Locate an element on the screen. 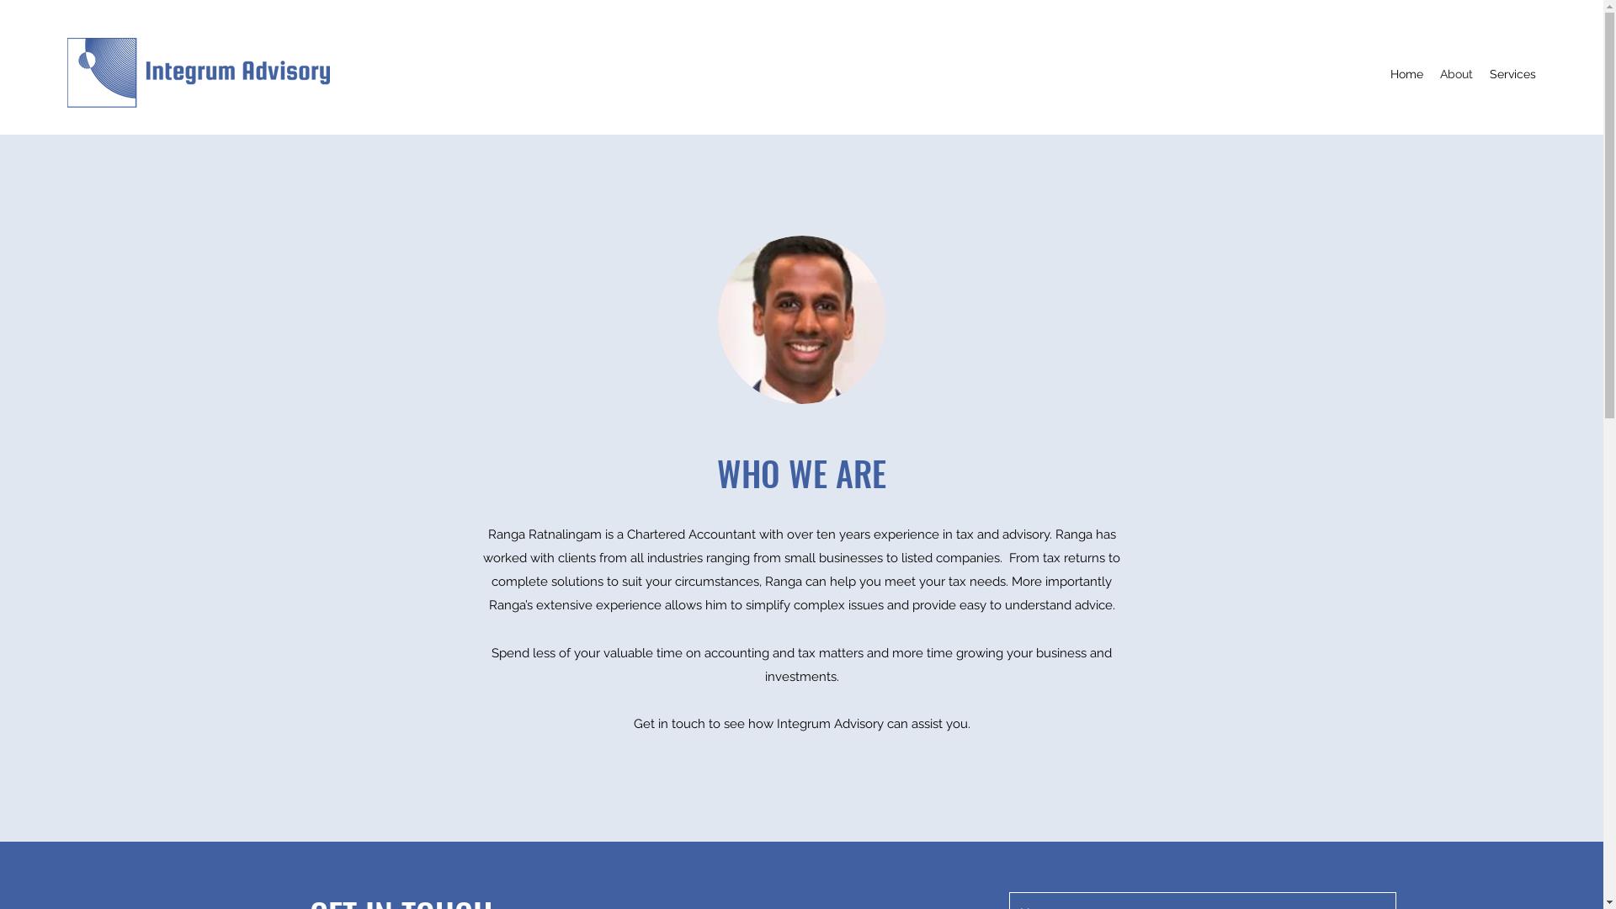 This screenshot has height=909, width=1616. 'Services' is located at coordinates (1512, 73).